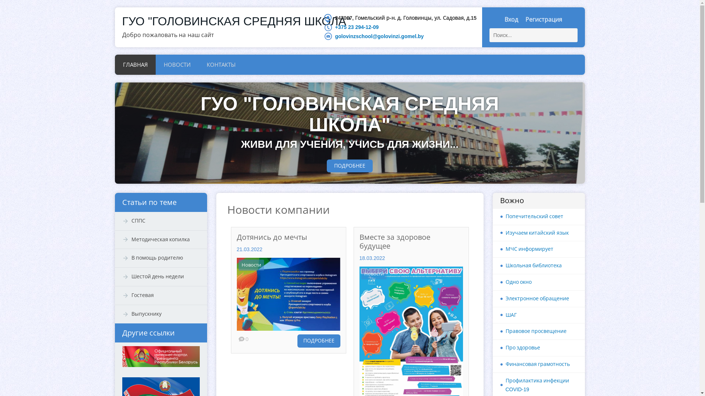 The height and width of the screenshot is (396, 705). I want to click on '+375 23 294-12-09', so click(335, 26).